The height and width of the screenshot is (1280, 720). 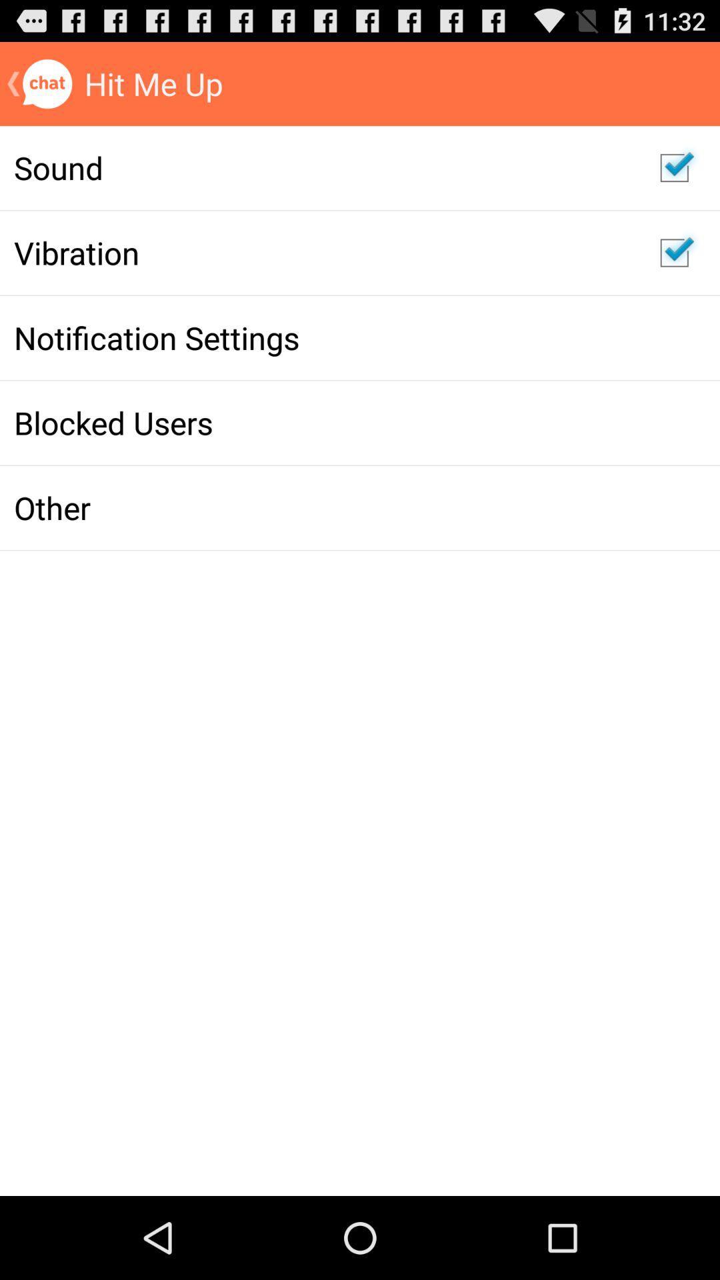 I want to click on the item below notification settings icon, so click(x=323, y=422).